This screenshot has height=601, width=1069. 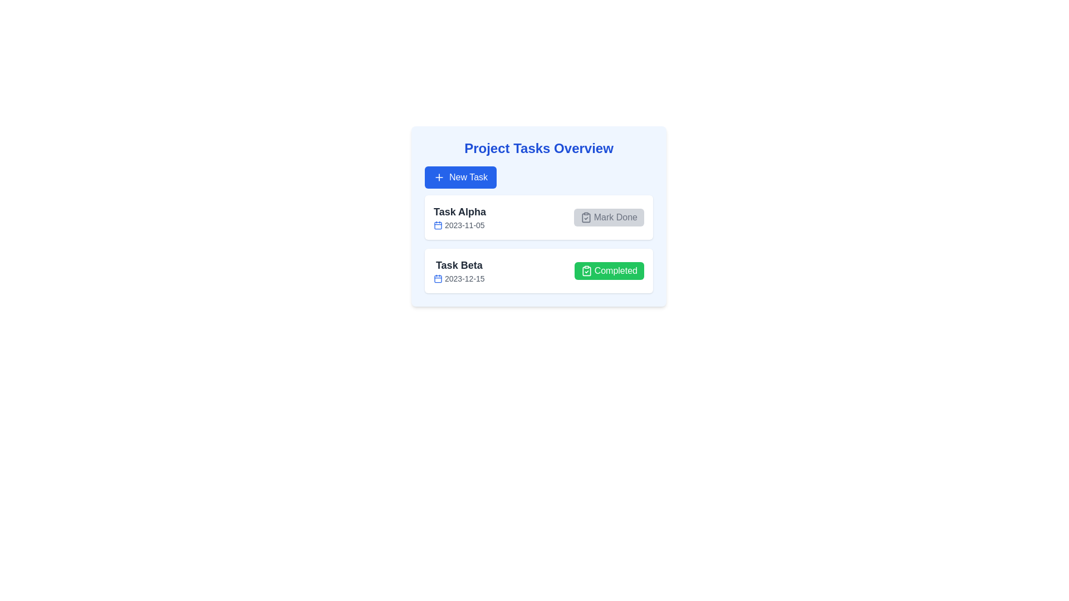 What do you see at coordinates (459, 265) in the screenshot?
I see `the 'Task Beta' text label, which is styled in bold and black, located above the date label and beside the green 'Completed' button in the second task item layout` at bounding box center [459, 265].